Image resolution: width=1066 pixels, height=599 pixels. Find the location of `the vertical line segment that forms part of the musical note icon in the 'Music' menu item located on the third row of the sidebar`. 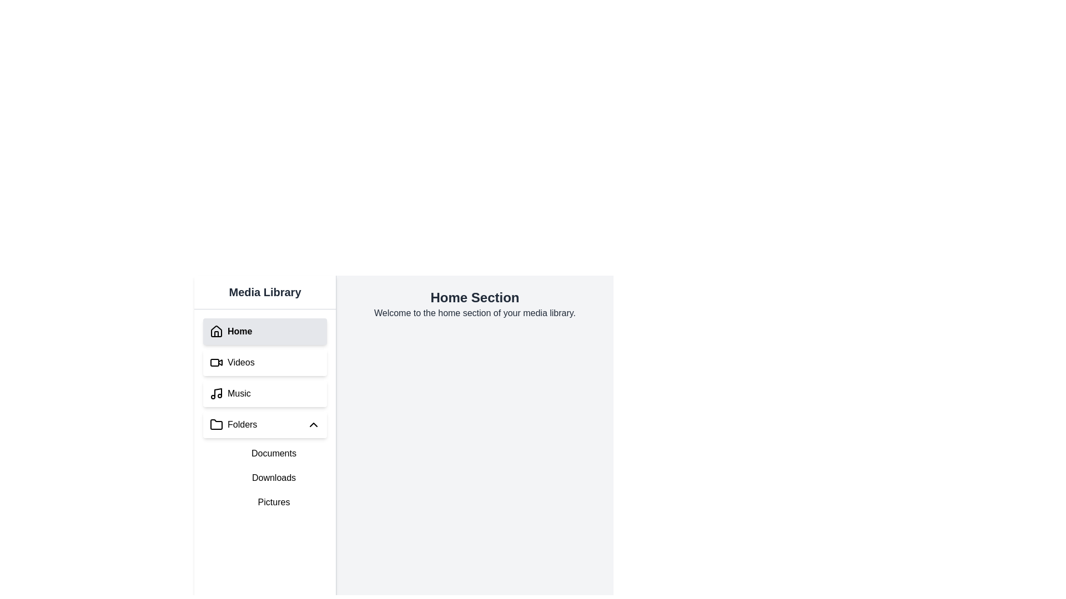

the vertical line segment that forms part of the musical note icon in the 'Music' menu item located on the third row of the sidebar is located at coordinates (218, 392).